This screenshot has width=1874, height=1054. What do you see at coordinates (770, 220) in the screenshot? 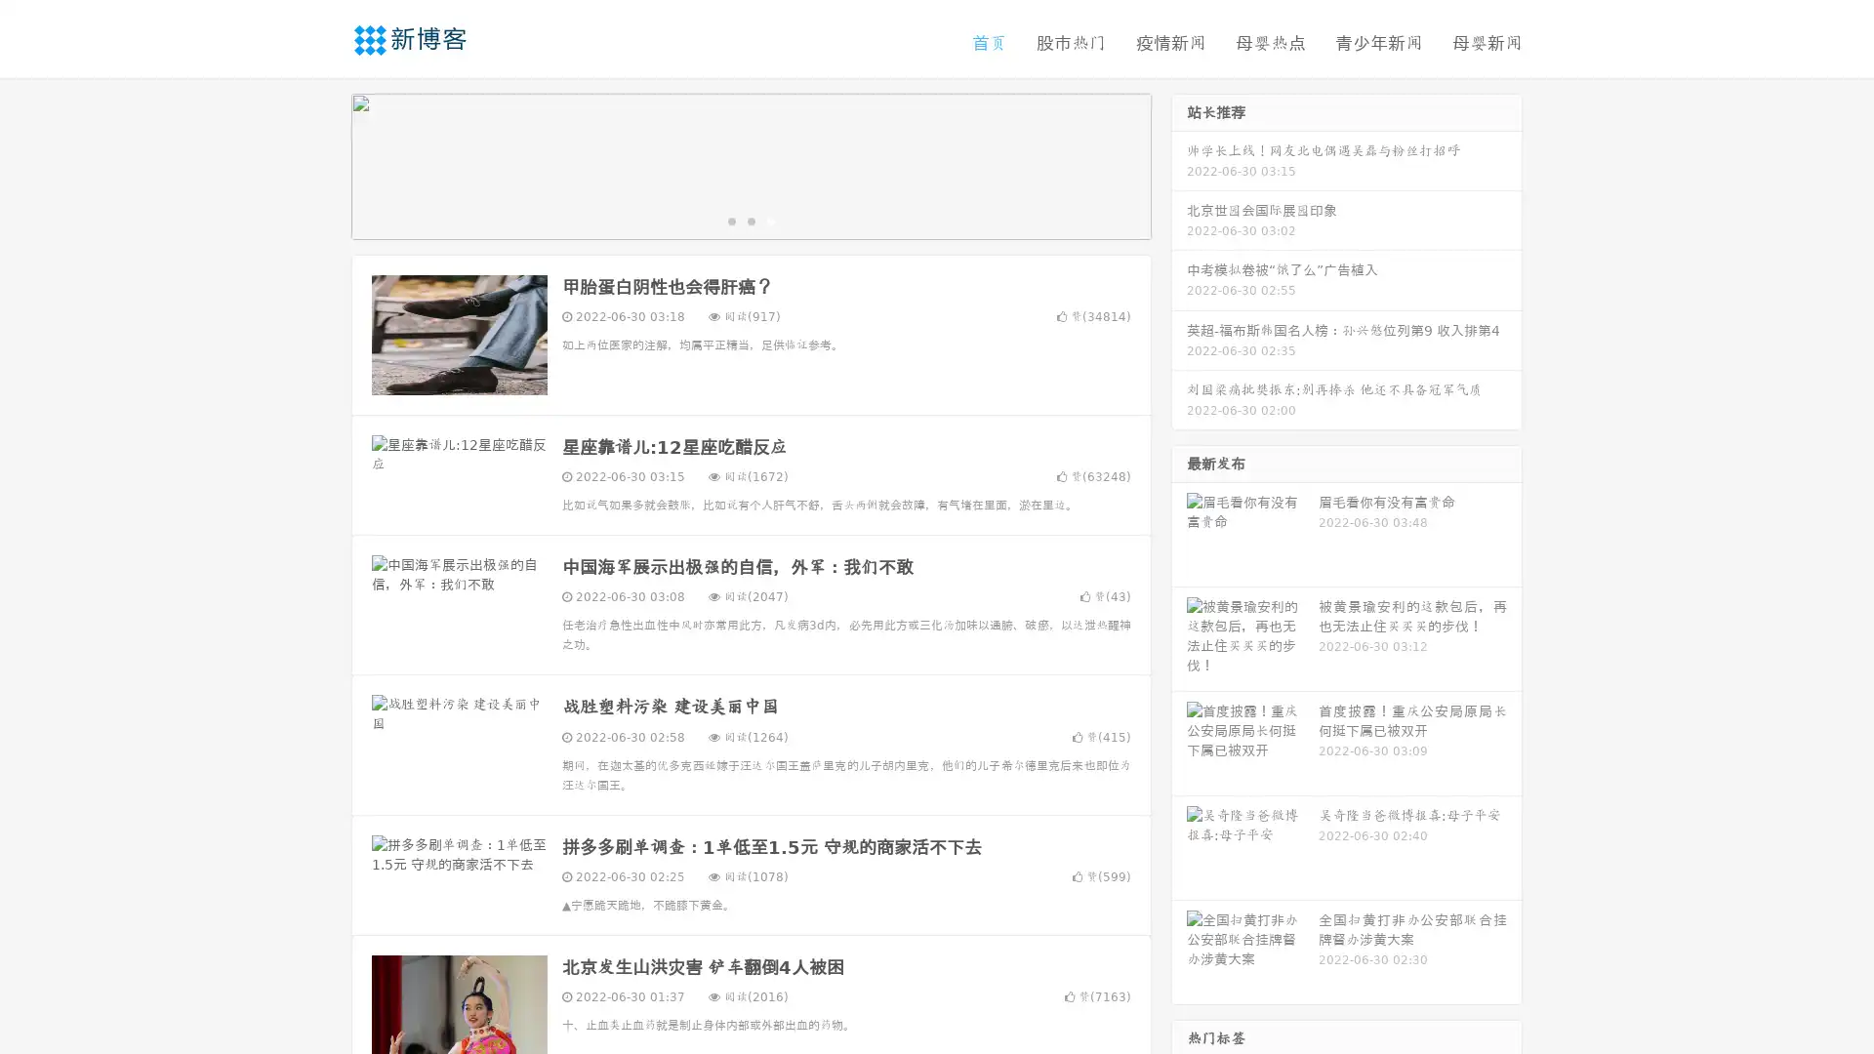
I see `Go to slide 3` at bounding box center [770, 220].